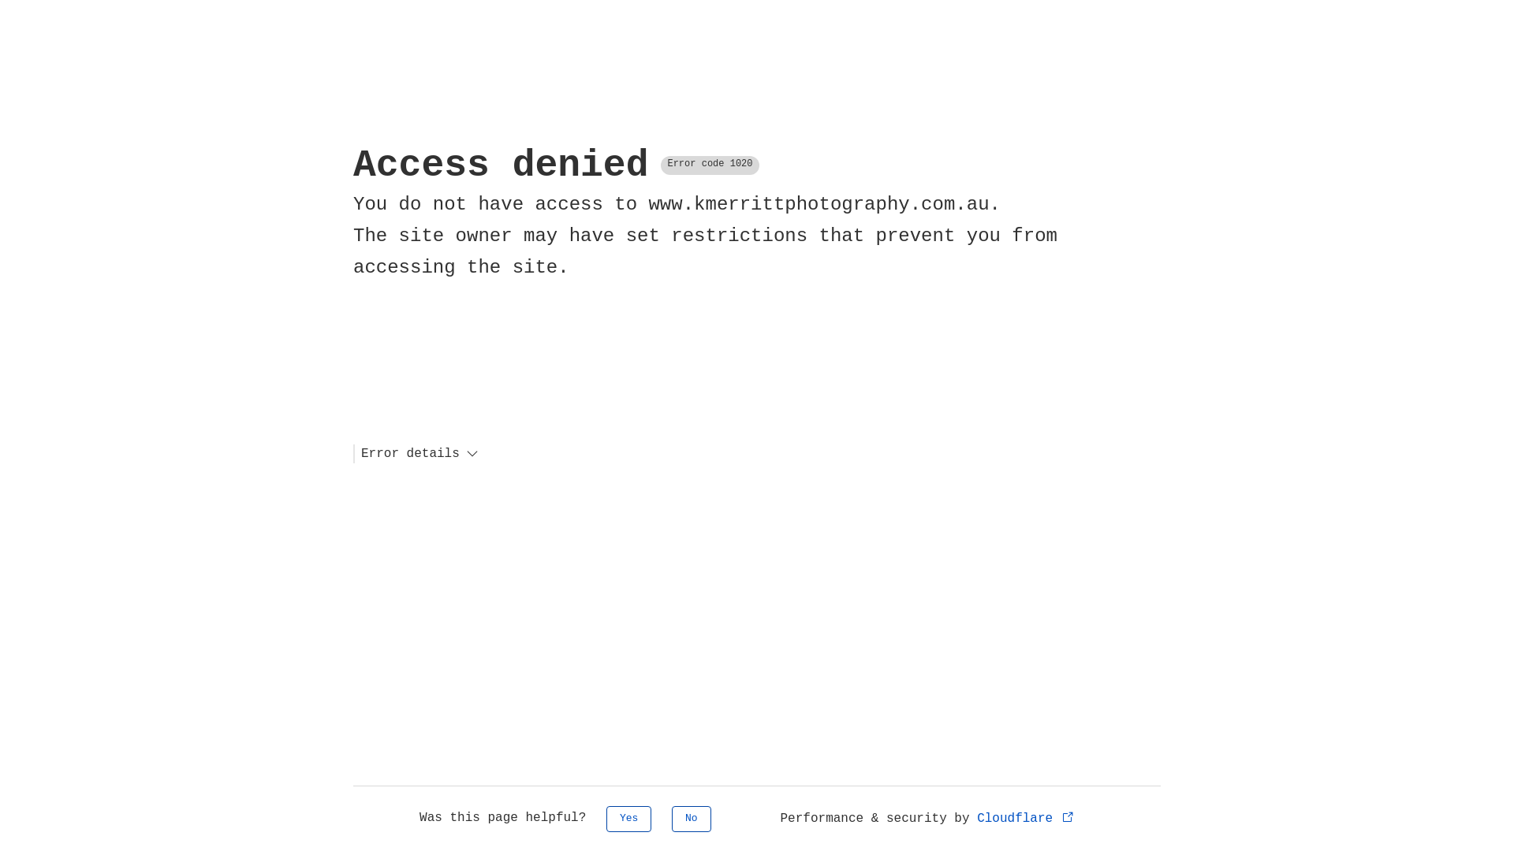  I want to click on 'No', so click(692, 818).